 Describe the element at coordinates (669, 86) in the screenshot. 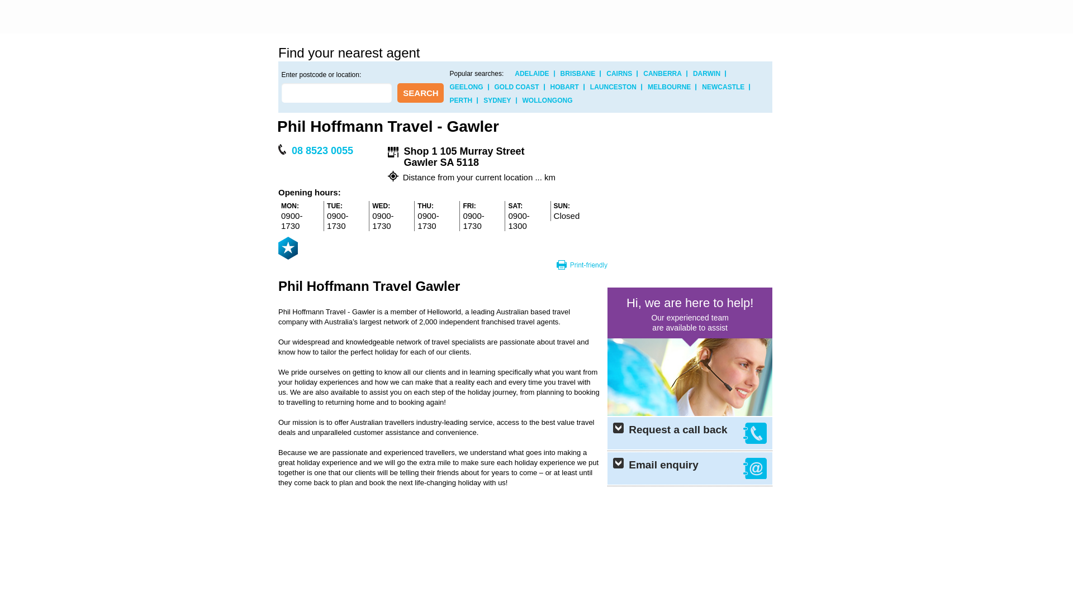

I see `'MELBOURNE'` at that location.